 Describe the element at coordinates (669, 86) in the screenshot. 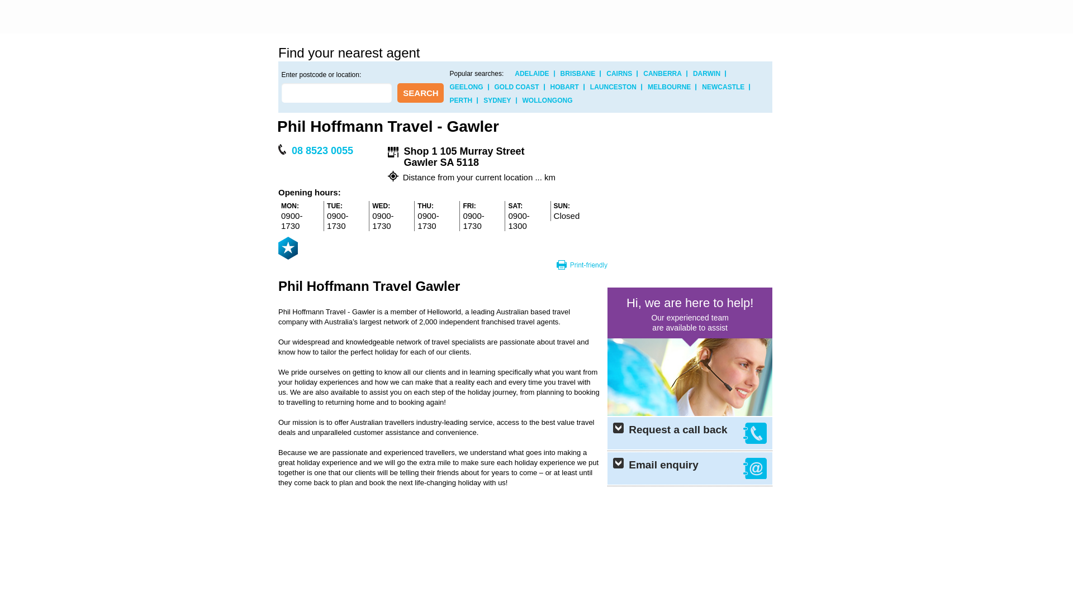

I see `'MELBOURNE'` at that location.